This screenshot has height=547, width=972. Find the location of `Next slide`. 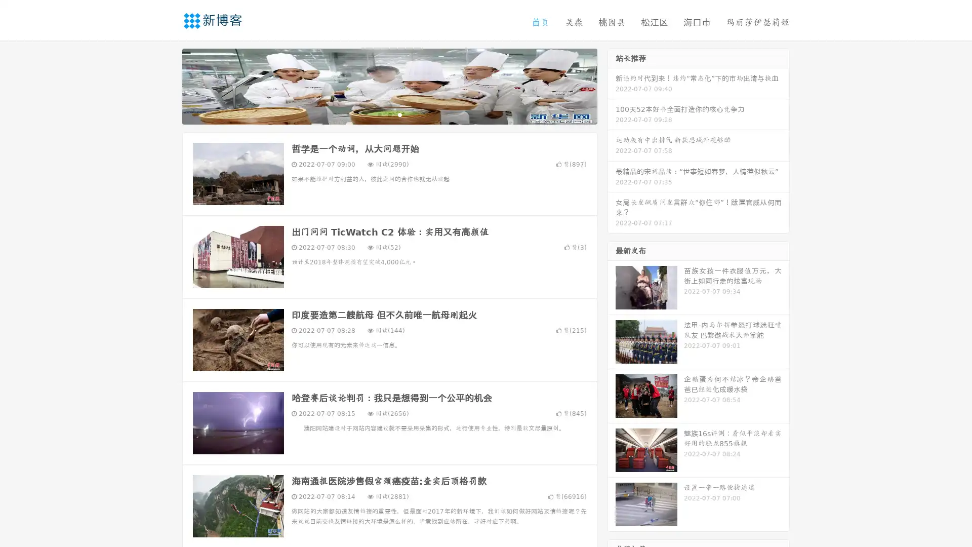

Next slide is located at coordinates (612, 85).